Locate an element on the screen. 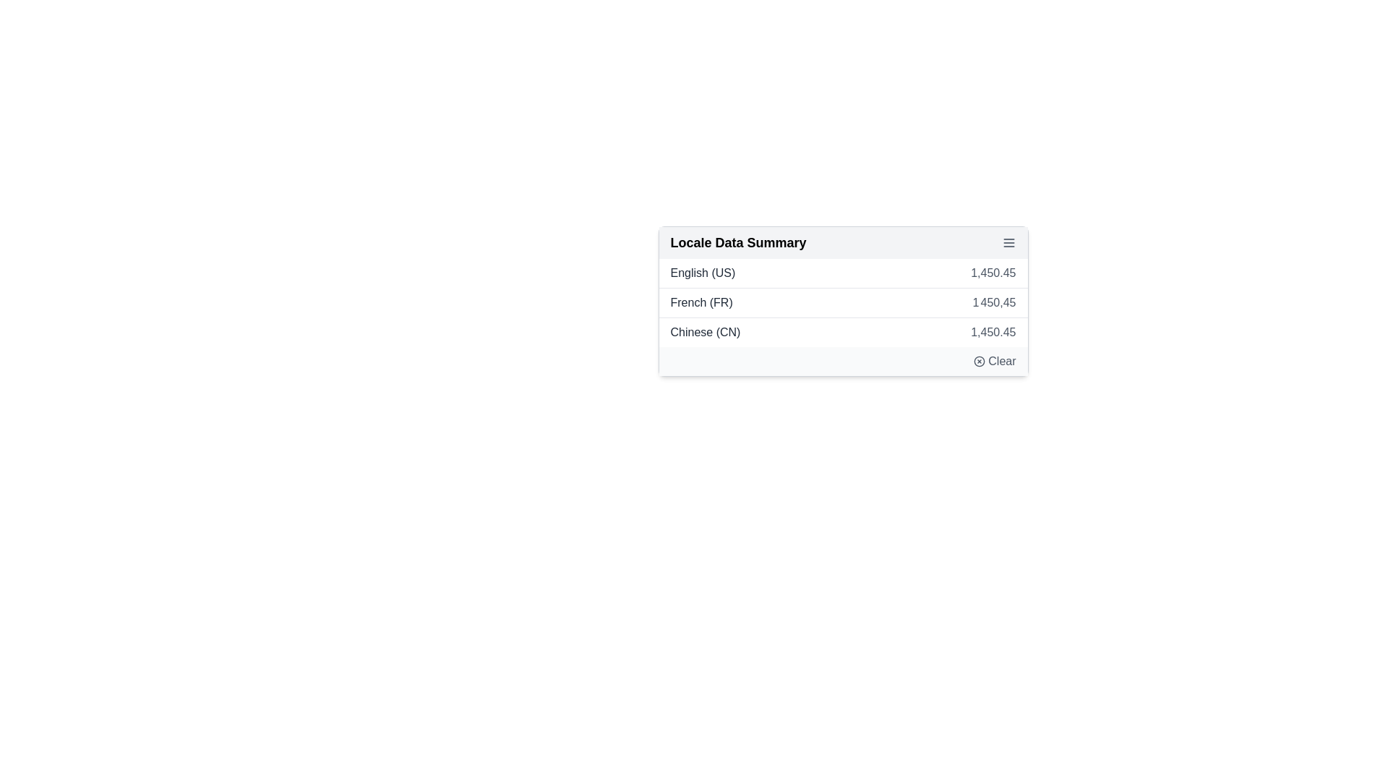 The height and width of the screenshot is (781, 1388). text label indicating the language option 'English (US)' located in the first row of the list-like component, aligned to the left is located at coordinates (703, 273).